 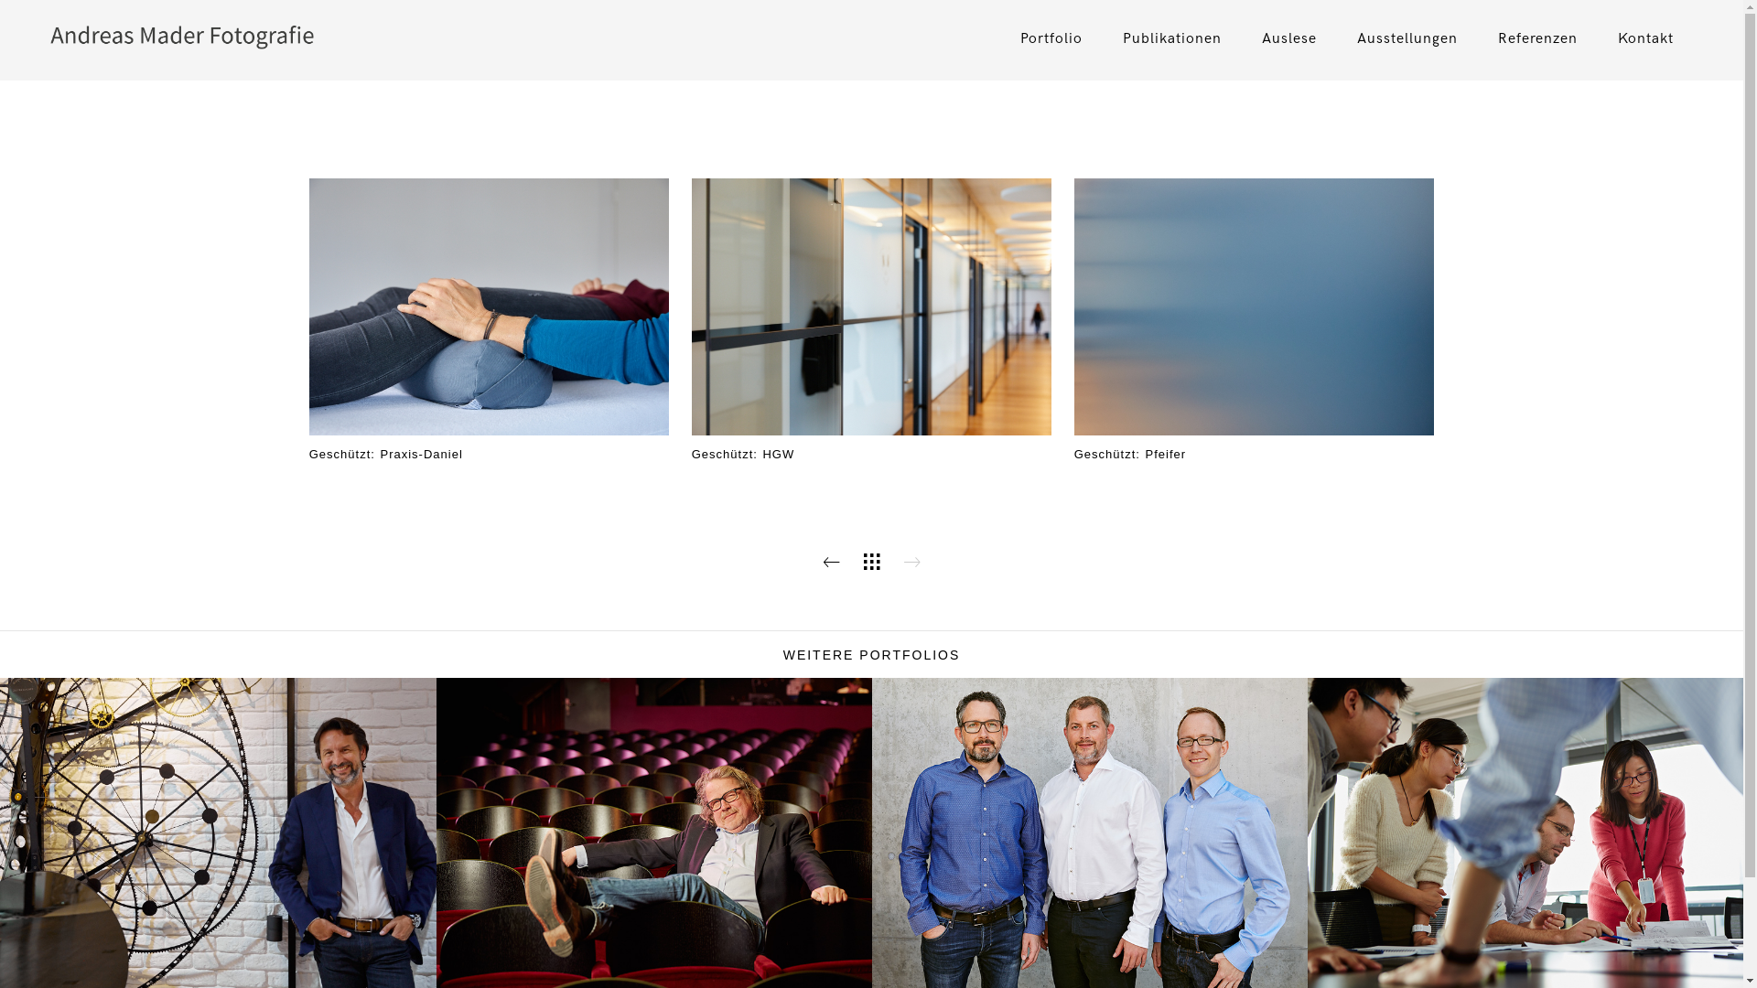 I want to click on 'Auslese', so click(x=1288, y=38).